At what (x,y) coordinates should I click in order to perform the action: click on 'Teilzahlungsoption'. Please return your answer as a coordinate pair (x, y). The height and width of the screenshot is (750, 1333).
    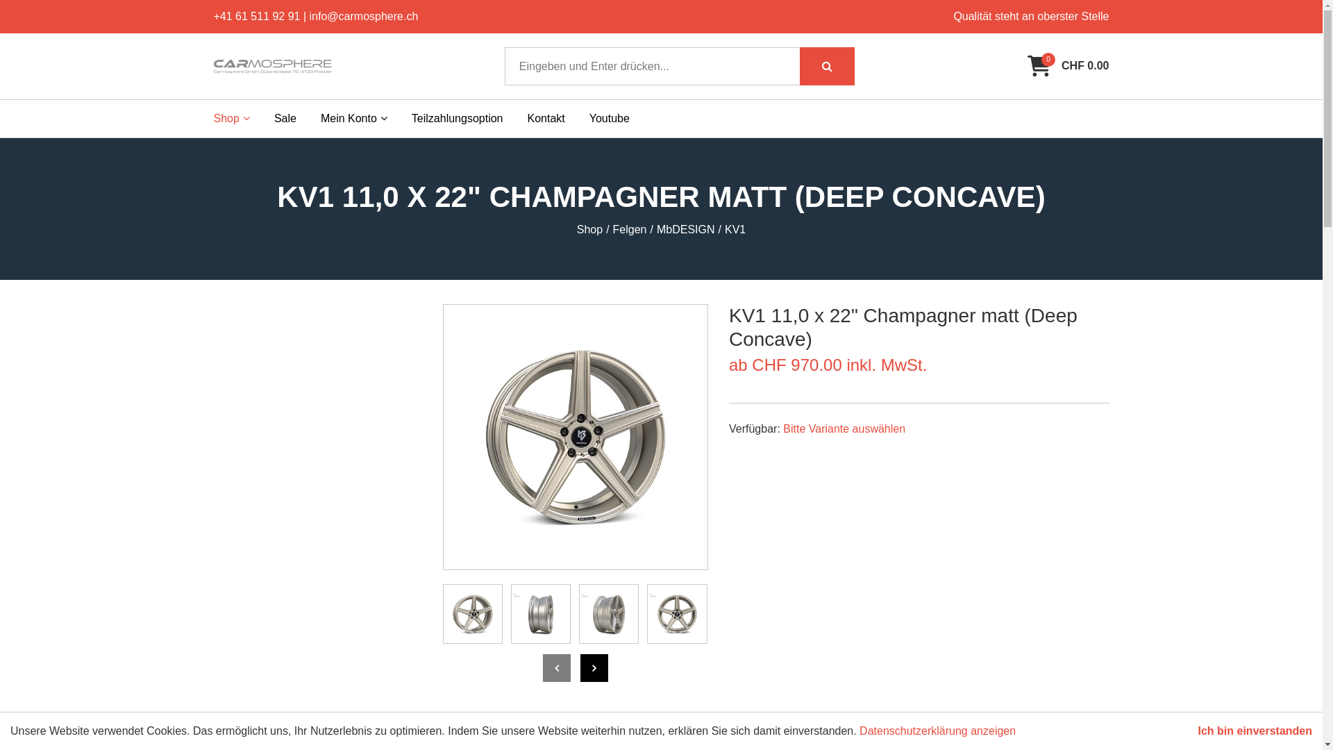
    Looking at the image, I should click on (411, 117).